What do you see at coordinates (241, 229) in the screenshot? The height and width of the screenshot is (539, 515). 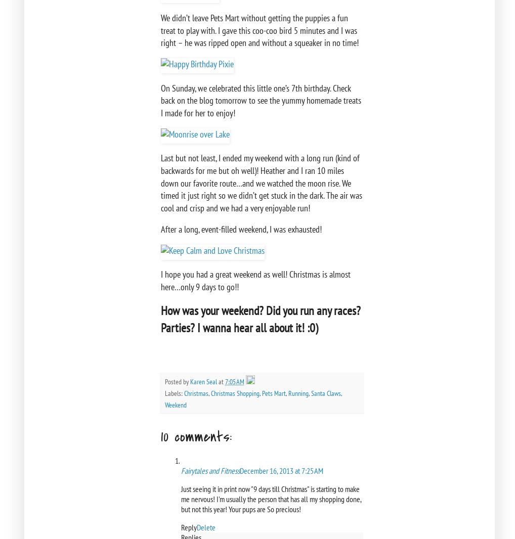 I see `'After a long, event-filled weekend, I was exhausted!'` at bounding box center [241, 229].